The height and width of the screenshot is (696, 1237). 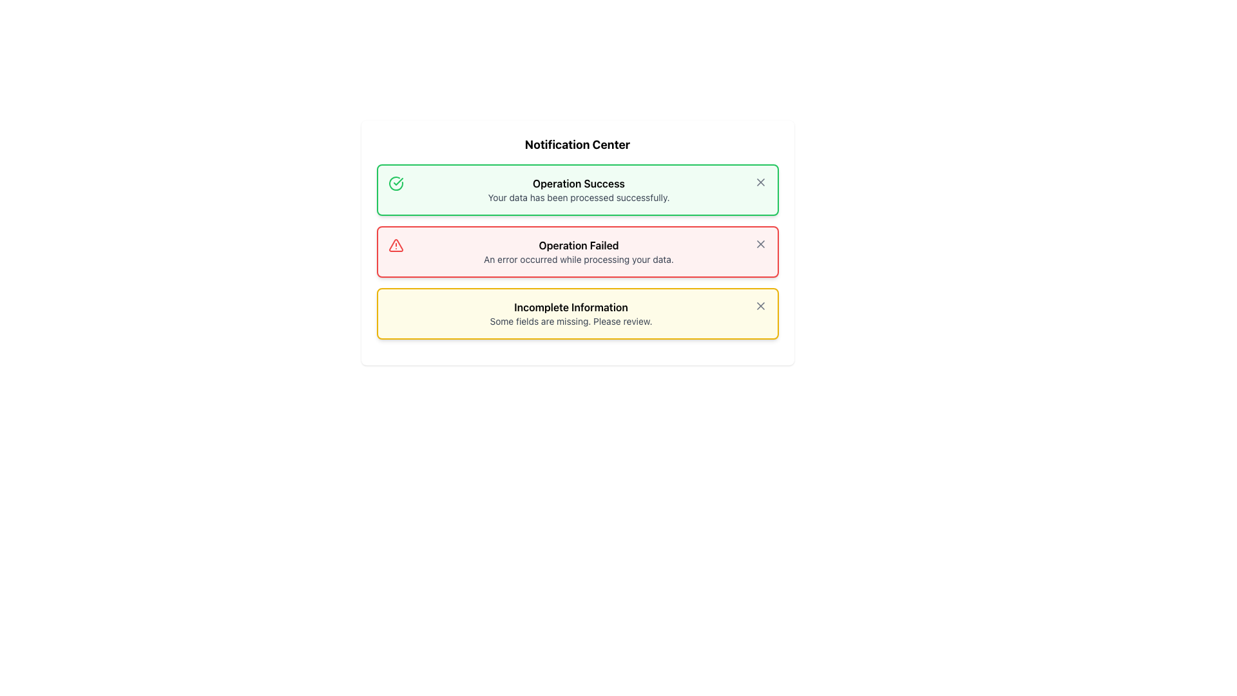 What do you see at coordinates (570, 313) in the screenshot?
I see `the static text block that provides a notification message about missing fields, located in the third notification box with a yellow border in the notification center` at bounding box center [570, 313].